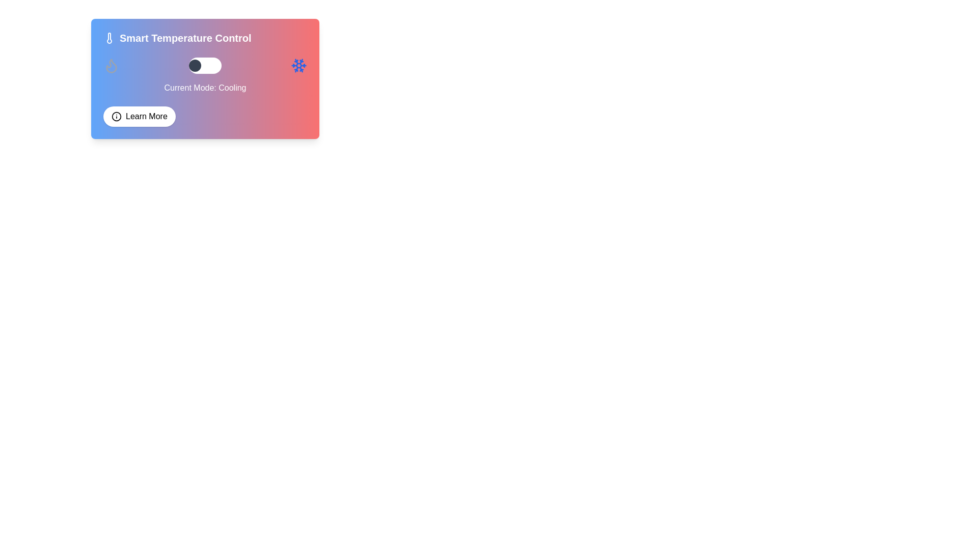 The image size is (978, 550). What do you see at coordinates (205, 88) in the screenshot?
I see `text label displaying 'Current Mode: Cooling' located below the toggle switch in the 'Smart Temperature Control' panel` at bounding box center [205, 88].